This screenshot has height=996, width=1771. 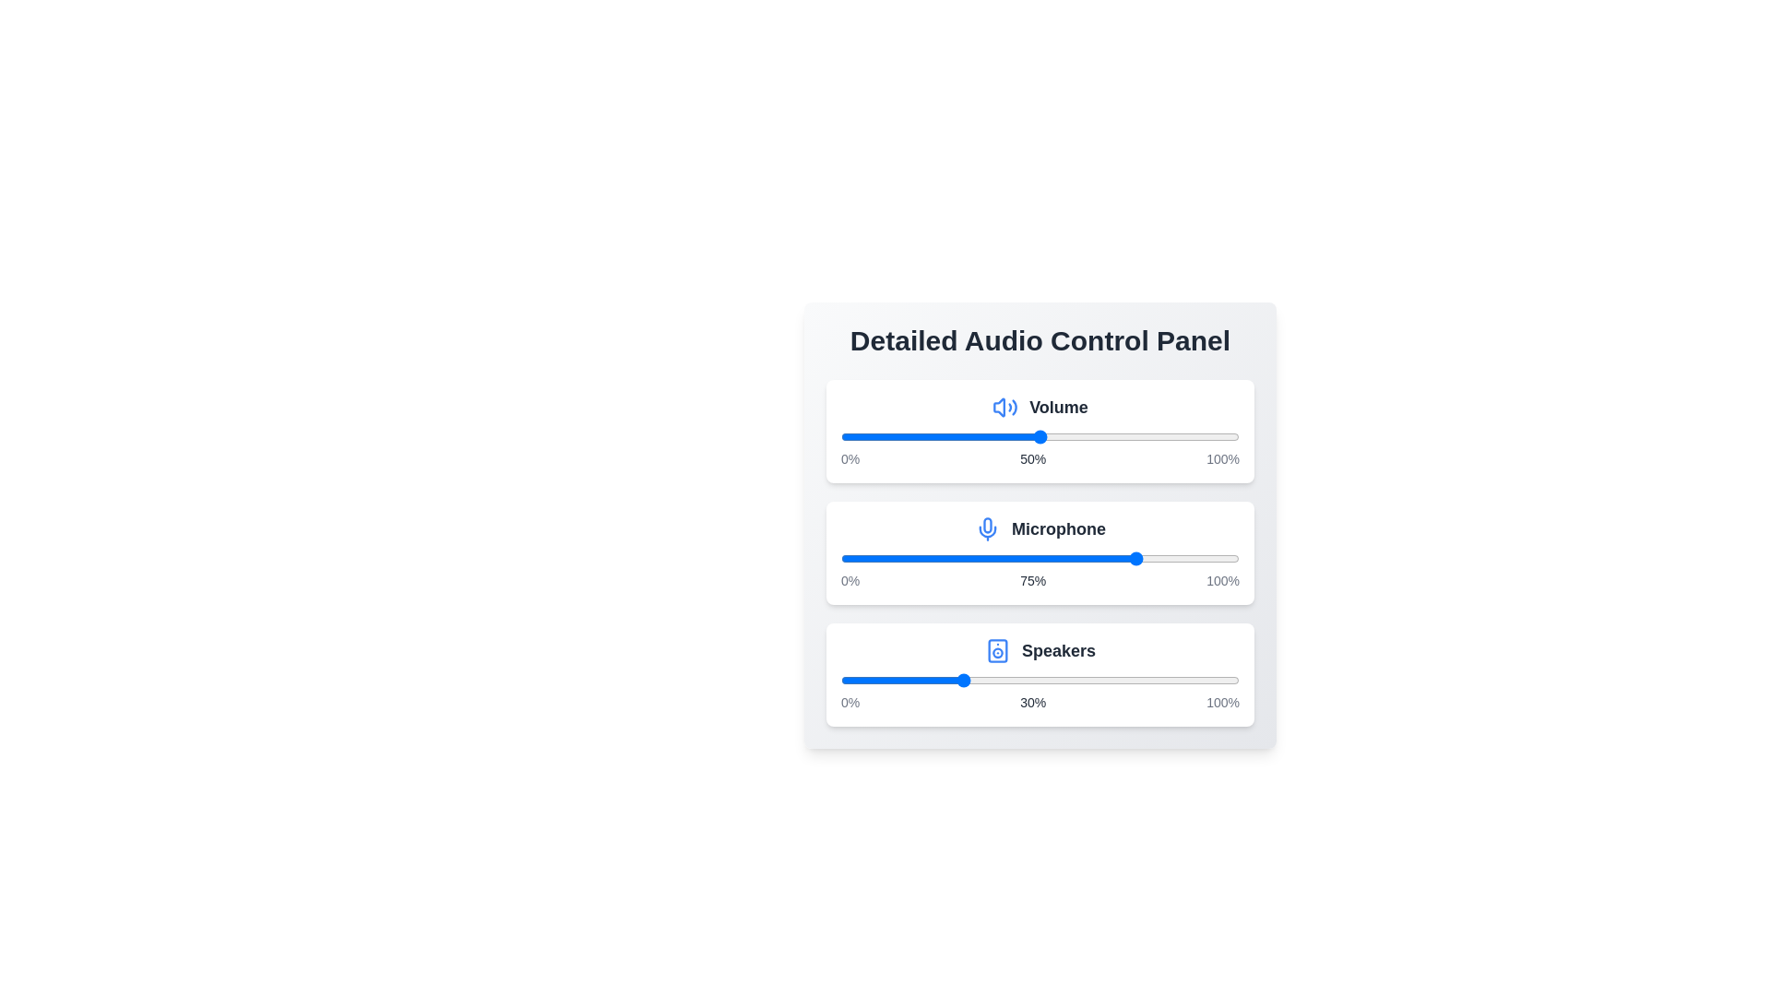 I want to click on the volume slider to 84%, so click(x=1174, y=437).